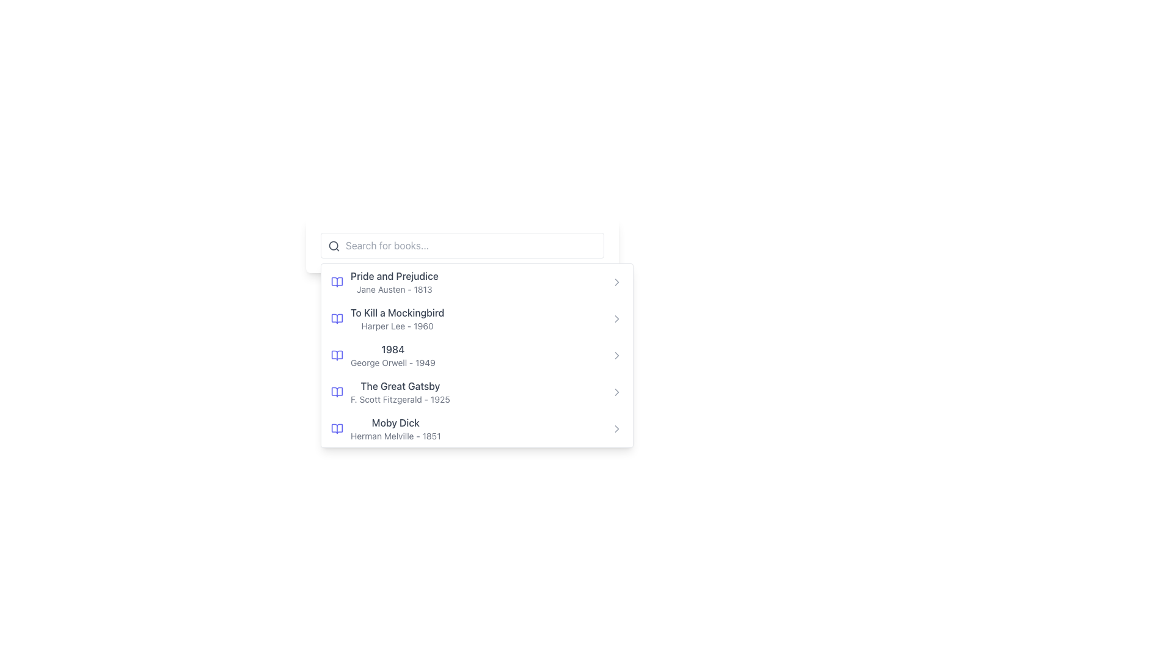  I want to click on the small indigo book icon that is positioned to the left of the text 'To Kill a Mockingbird Harper Lee - 1960', so click(337, 318).